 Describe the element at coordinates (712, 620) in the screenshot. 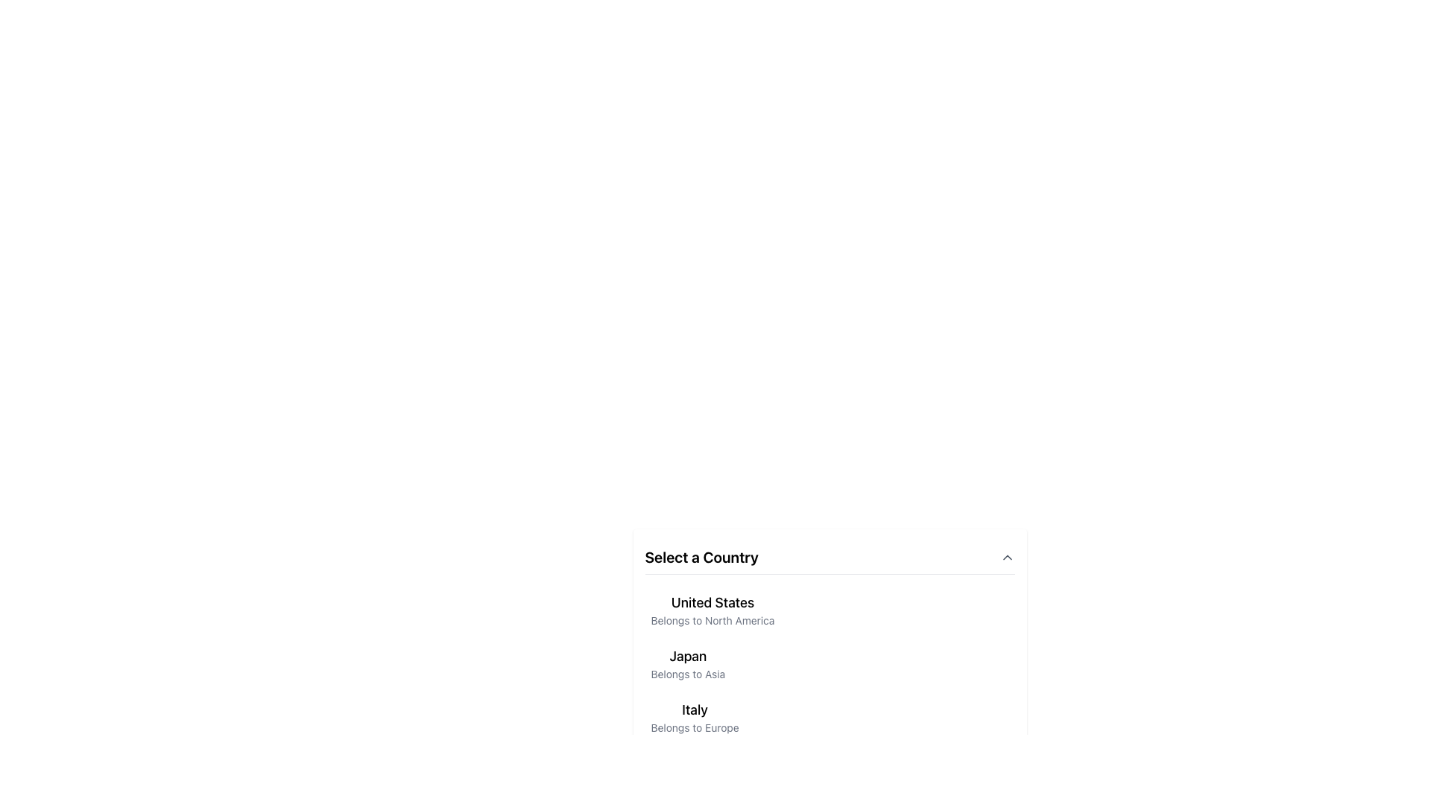

I see `text displayed in the static text label that indicates 'Belongs to North America', which is positioned below 'United States'` at that location.